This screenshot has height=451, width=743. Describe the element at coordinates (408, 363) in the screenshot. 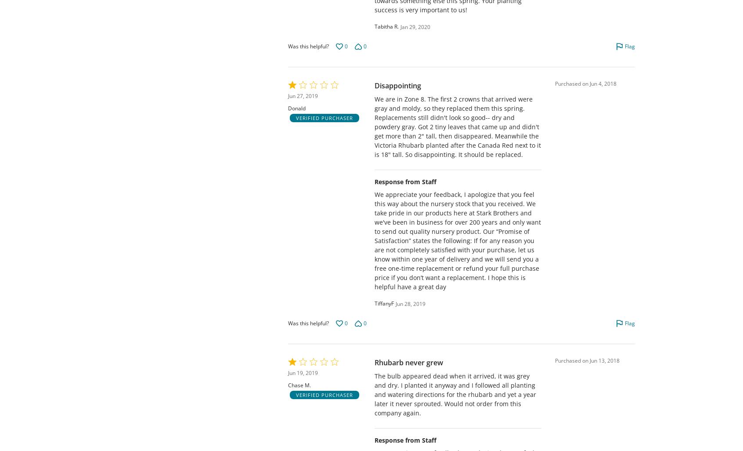

I see `'Rhubarb never grew'` at that location.